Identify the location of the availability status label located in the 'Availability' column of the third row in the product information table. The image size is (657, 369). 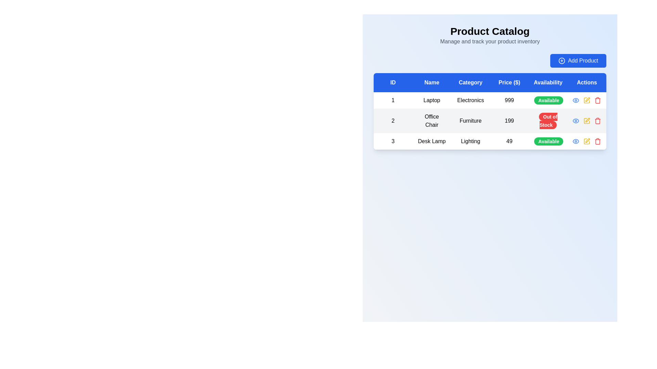
(549, 141).